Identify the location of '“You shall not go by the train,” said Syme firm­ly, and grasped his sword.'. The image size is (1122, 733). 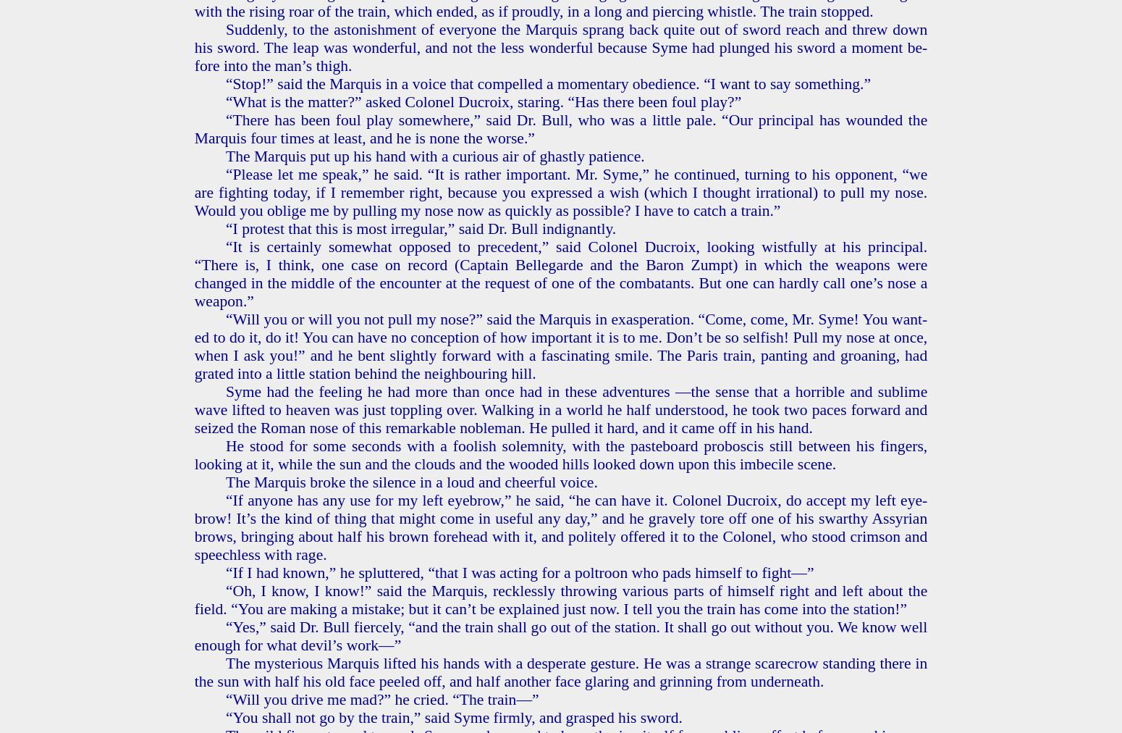
(452, 717).